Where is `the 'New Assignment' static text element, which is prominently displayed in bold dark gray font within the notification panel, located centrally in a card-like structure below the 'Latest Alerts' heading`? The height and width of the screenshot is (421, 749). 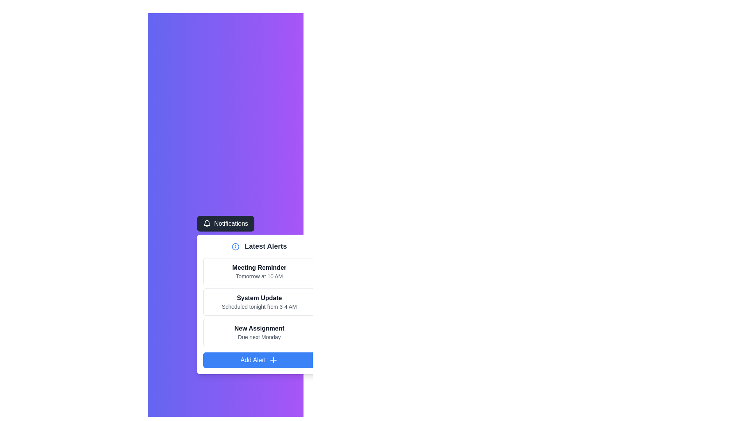
the 'New Assignment' static text element, which is prominently displayed in bold dark gray font within the notification panel, located centrally in a card-like structure below the 'Latest Alerts' heading is located at coordinates (259, 329).